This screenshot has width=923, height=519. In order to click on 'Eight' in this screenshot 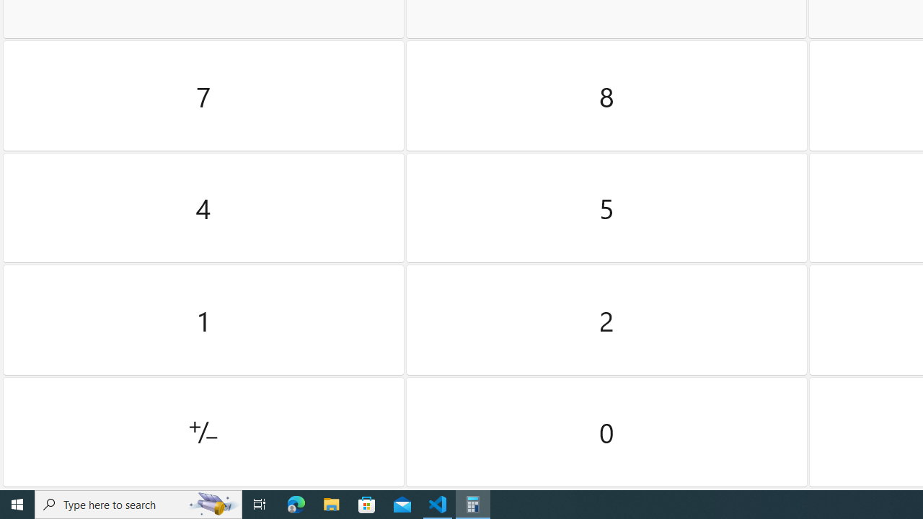, I will do `click(606, 96)`.